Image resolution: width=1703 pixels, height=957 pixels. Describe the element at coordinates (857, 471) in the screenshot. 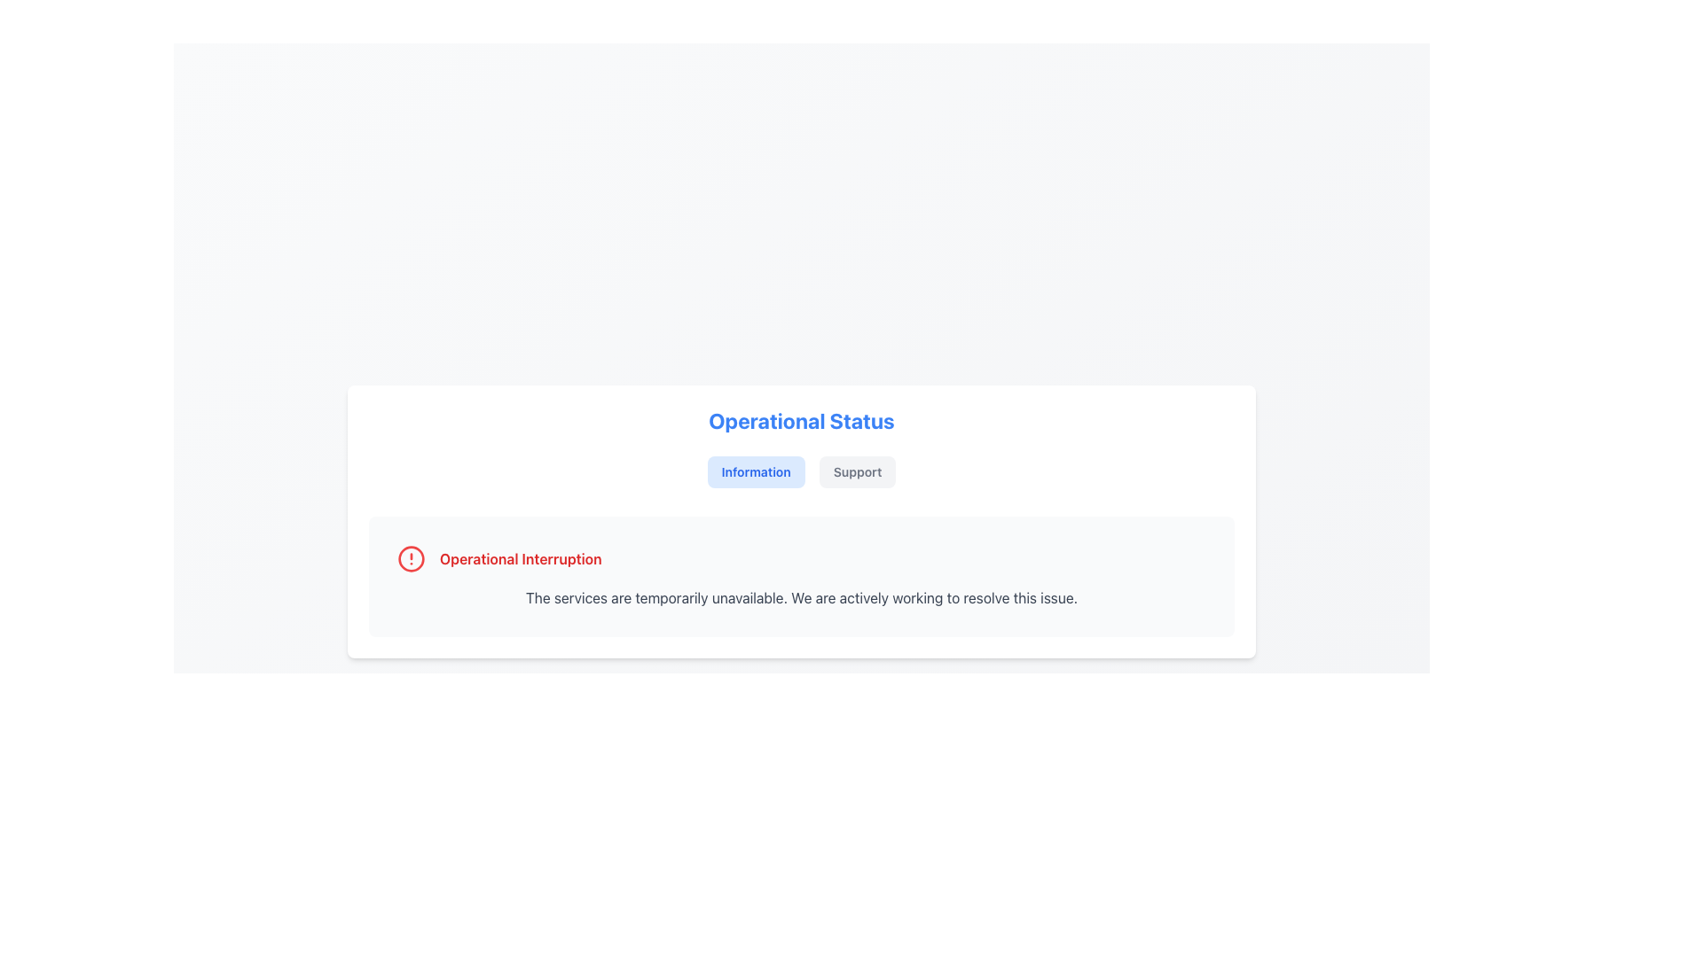

I see `the navigation button located to the right of the 'Information' button, which is centered below the 'Operational Status' heading` at that location.